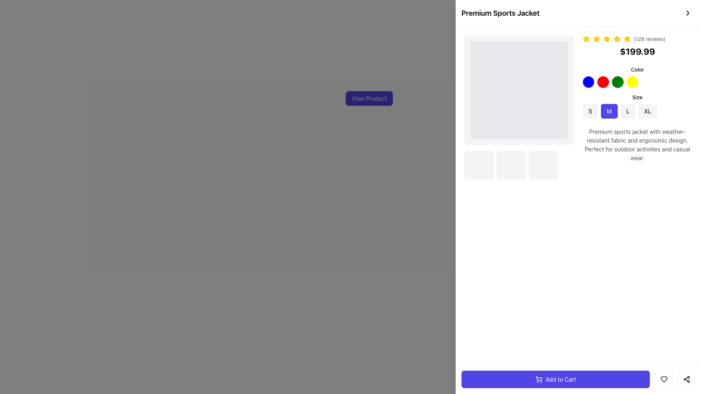 Image resolution: width=701 pixels, height=394 pixels. What do you see at coordinates (617, 82) in the screenshot?
I see `the small circular green button in the color selection row` at bounding box center [617, 82].